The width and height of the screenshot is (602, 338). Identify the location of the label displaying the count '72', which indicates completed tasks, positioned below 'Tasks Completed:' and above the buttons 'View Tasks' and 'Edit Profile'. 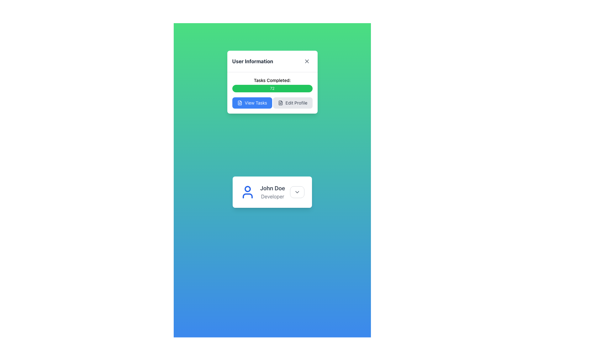
(272, 88).